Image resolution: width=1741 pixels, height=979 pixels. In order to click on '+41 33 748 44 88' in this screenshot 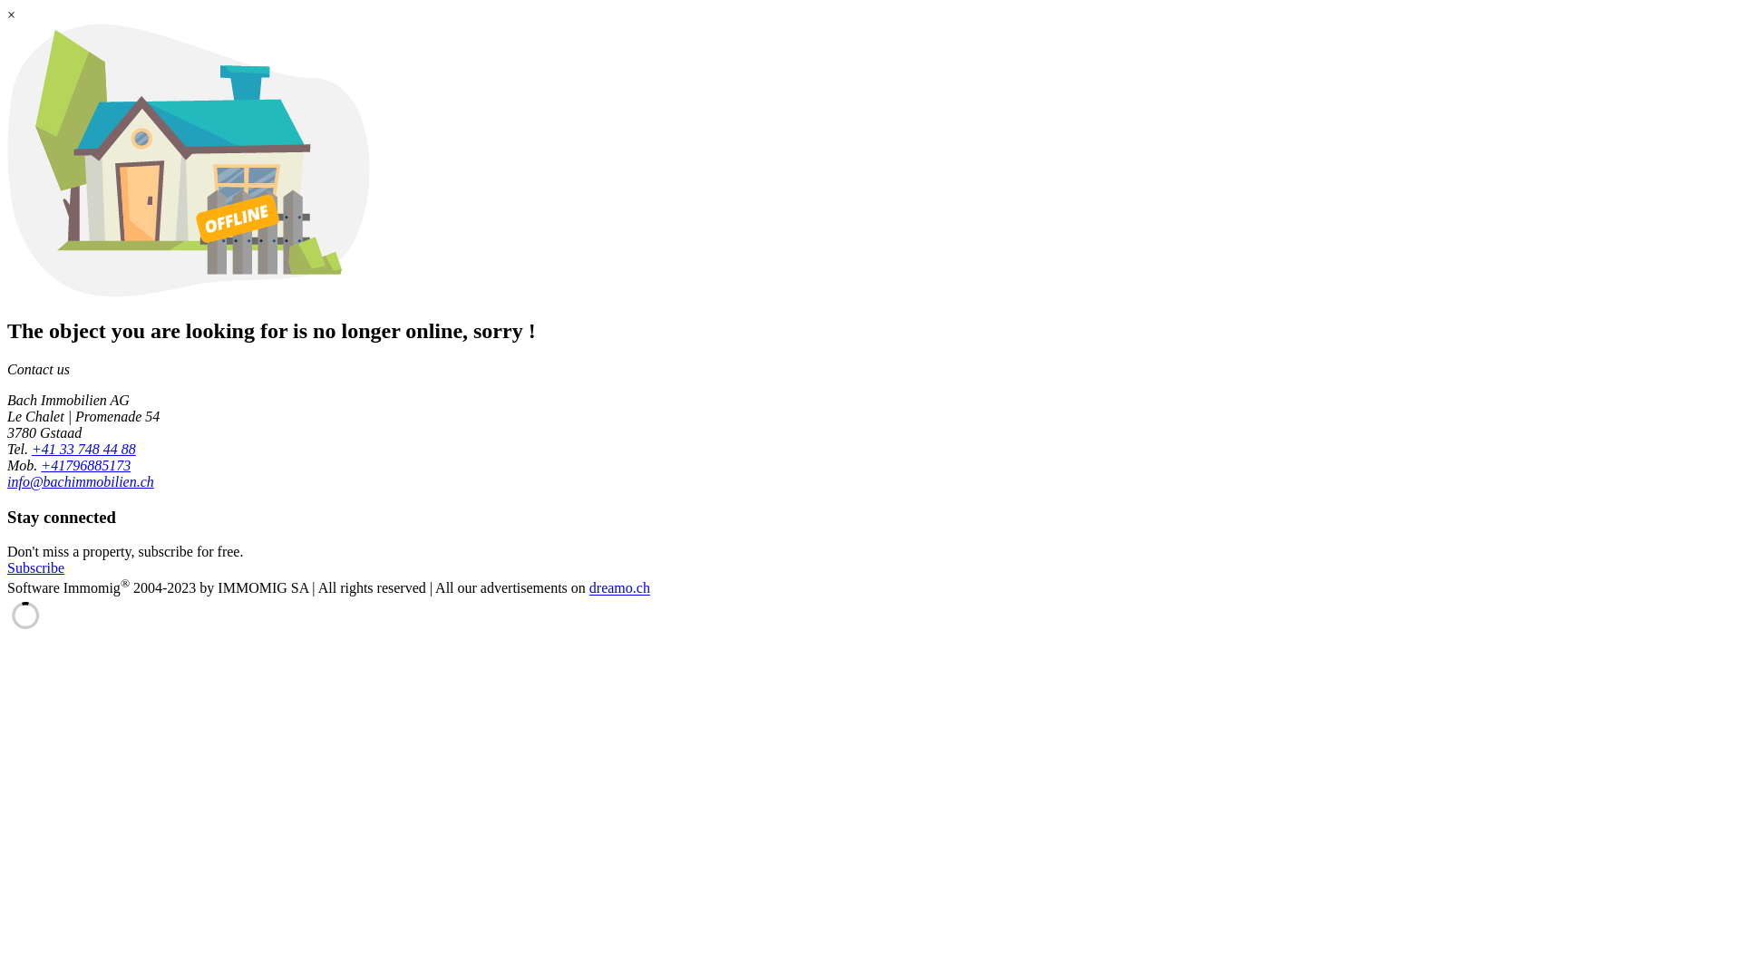, I will do `click(83, 449)`.